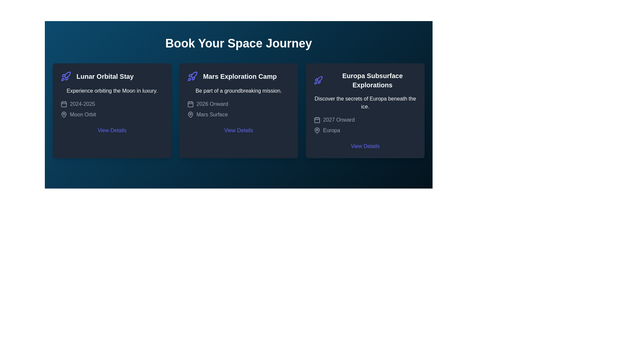  What do you see at coordinates (190, 104) in the screenshot?
I see `the calendar icon located within the second card from the left, next to the text '2026 Onward', which represents date-related information` at bounding box center [190, 104].